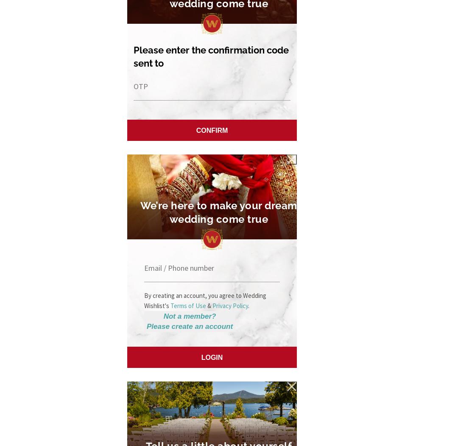 The image size is (472, 446). What do you see at coordinates (211, 56) in the screenshot?
I see `'Please enter the confirmation code sent to'` at bounding box center [211, 56].